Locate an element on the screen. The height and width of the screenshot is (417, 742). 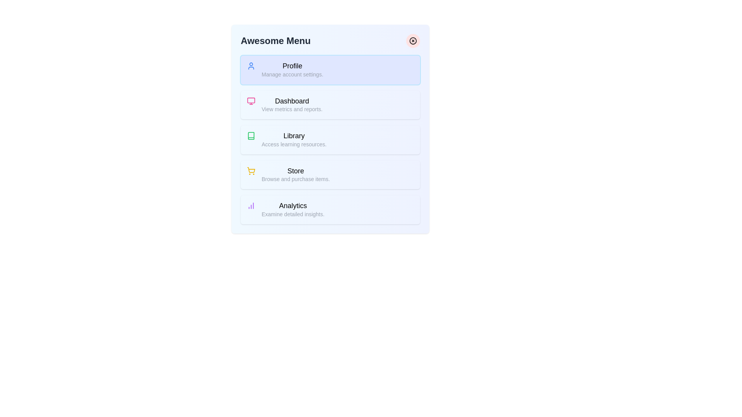
the menu item labeled Analytics to read its description is located at coordinates (289, 208).